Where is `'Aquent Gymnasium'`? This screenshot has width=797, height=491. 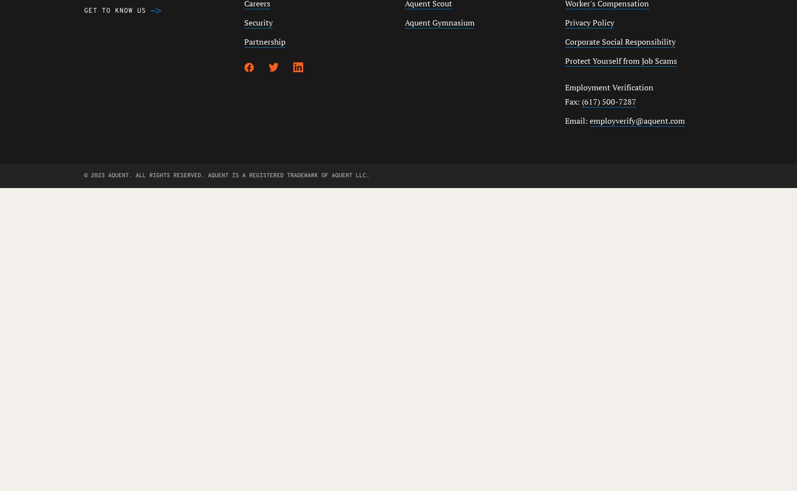 'Aquent Gymnasium' is located at coordinates (404, 23).